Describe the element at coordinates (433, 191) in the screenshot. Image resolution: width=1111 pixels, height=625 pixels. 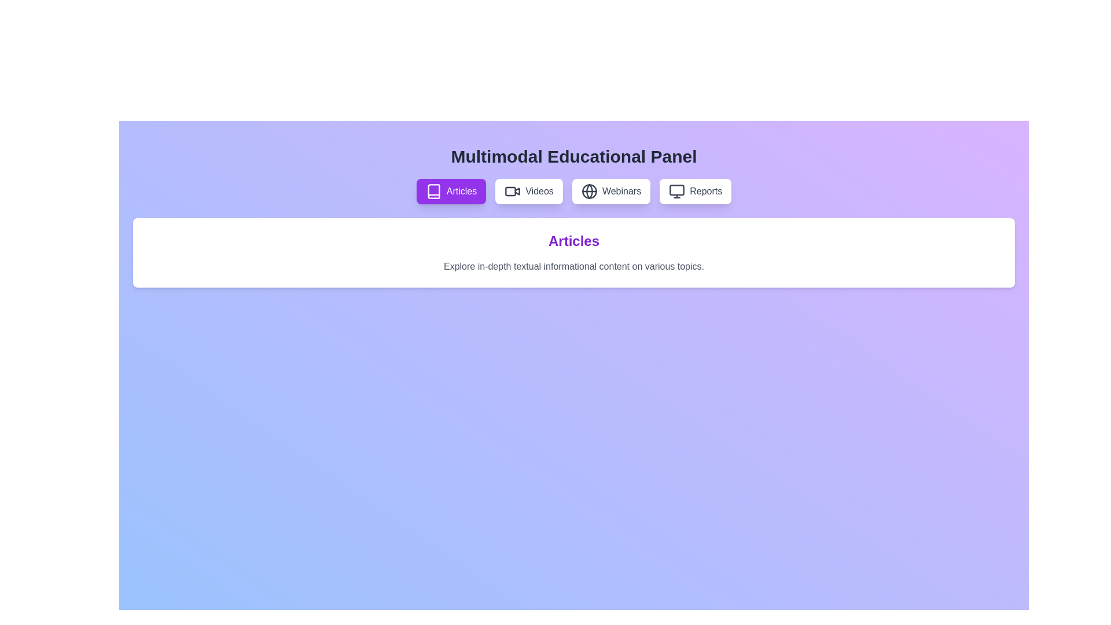
I see `the vector graphic icon representing the 'Articles' section` at that location.